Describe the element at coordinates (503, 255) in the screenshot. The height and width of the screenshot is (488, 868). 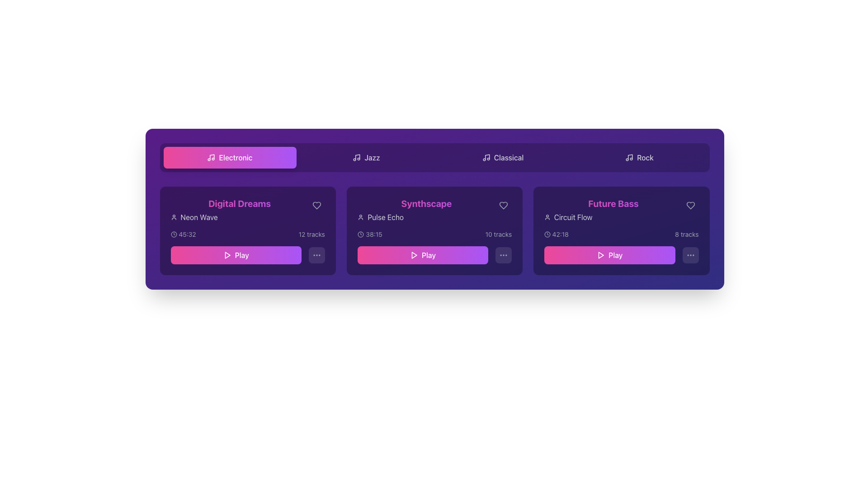
I see `the ellipsis button located at the right end of the control bar of the 'Synthscape' card` at that location.